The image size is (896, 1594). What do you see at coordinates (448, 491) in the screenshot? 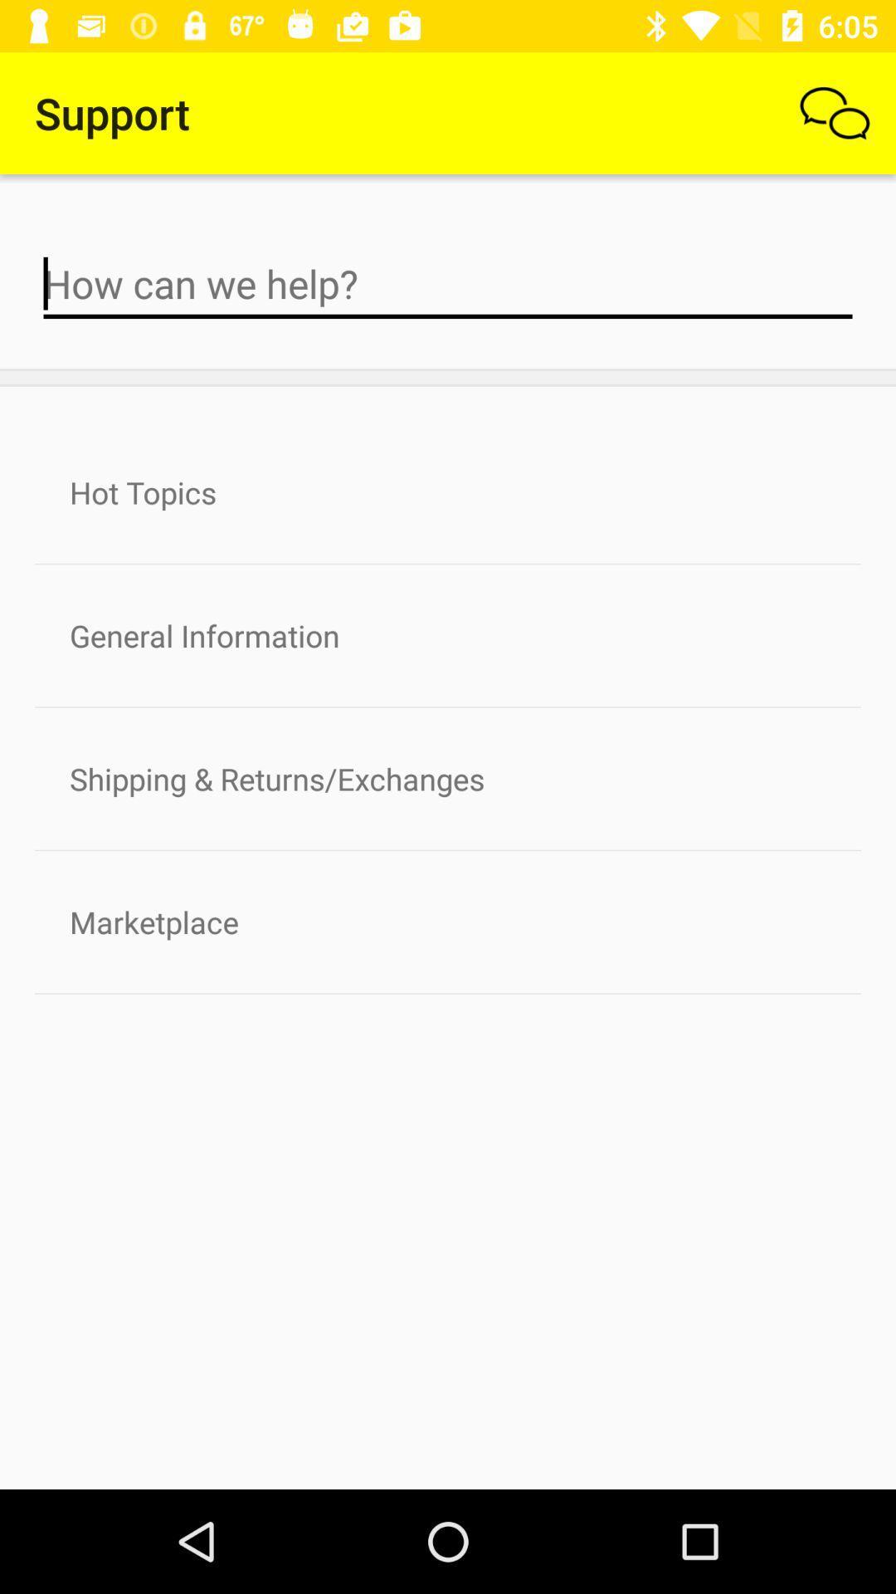
I see `the icon above general information icon` at bounding box center [448, 491].